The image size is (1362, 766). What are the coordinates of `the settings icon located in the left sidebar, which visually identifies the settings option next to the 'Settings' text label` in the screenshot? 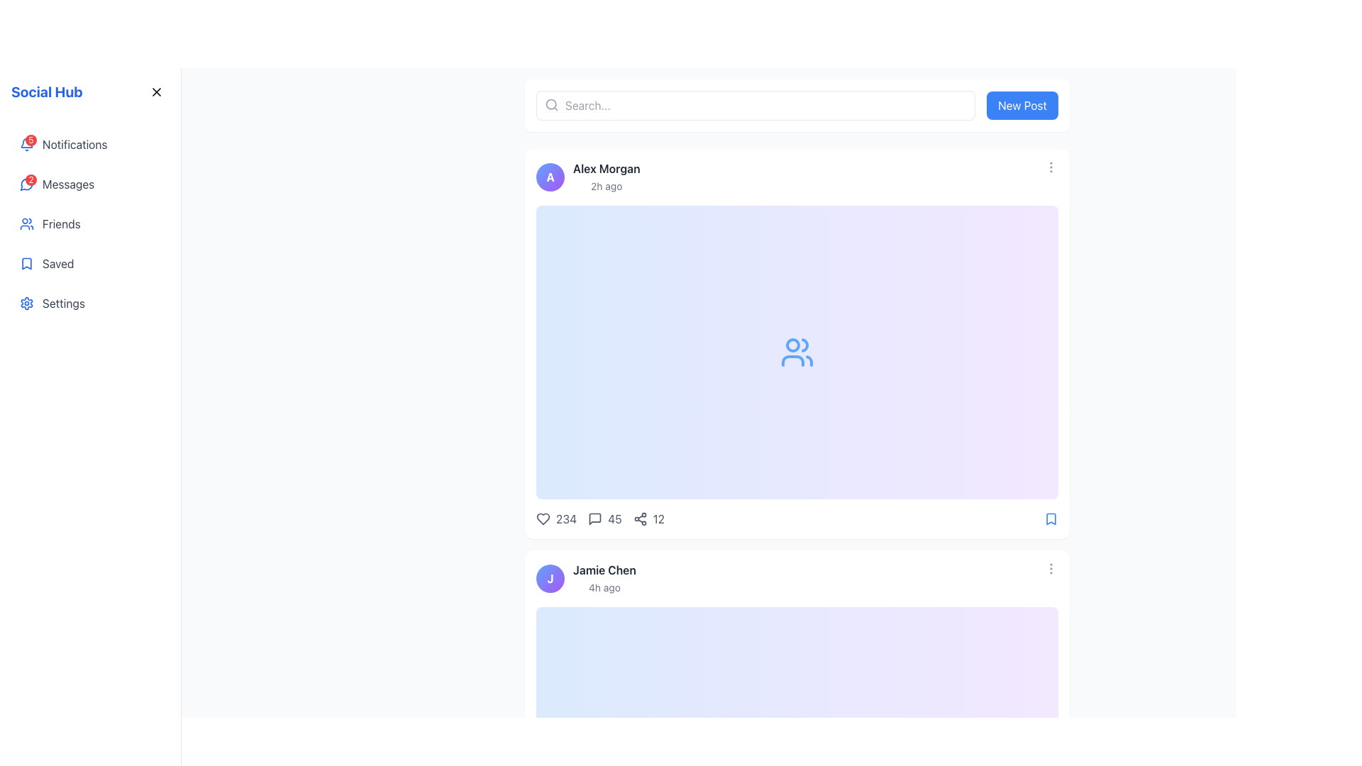 It's located at (27, 303).